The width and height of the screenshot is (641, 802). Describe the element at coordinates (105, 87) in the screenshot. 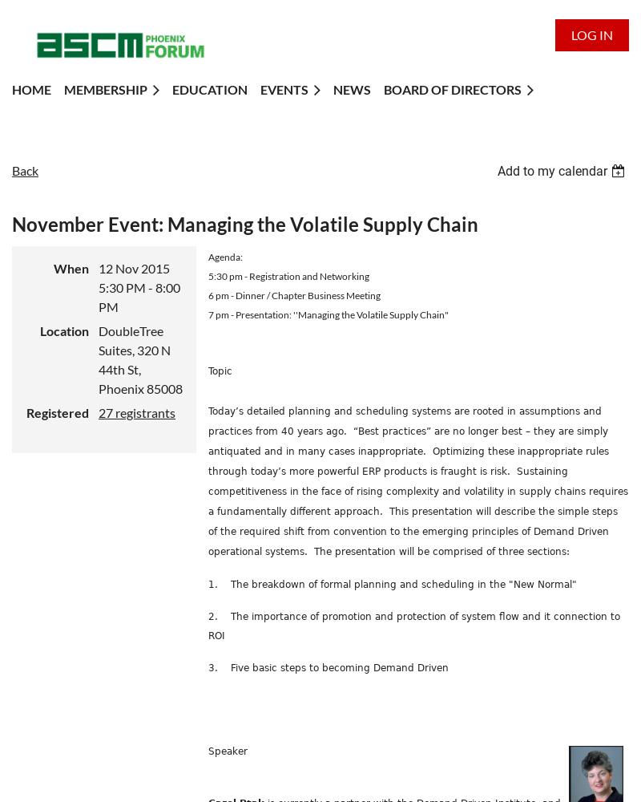

I see `'Membership'` at that location.